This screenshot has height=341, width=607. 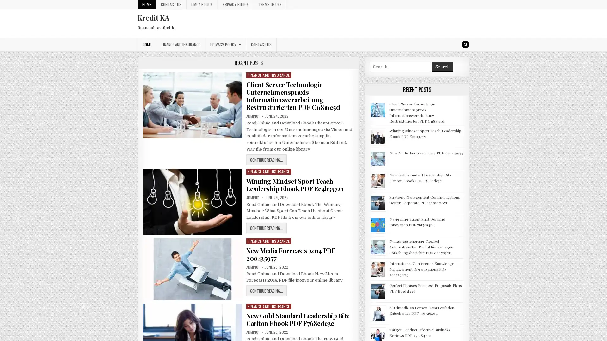 I want to click on Search, so click(x=442, y=67).